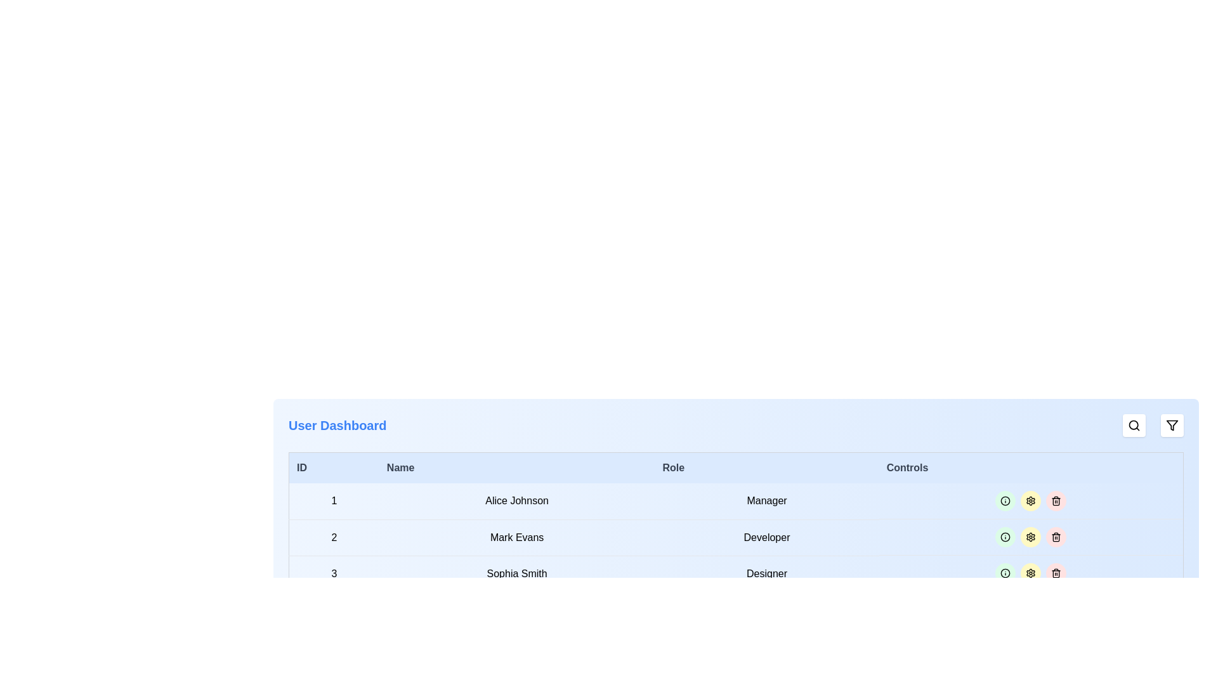  Describe the element at coordinates (736, 573) in the screenshot. I see `to select the third row` at that location.